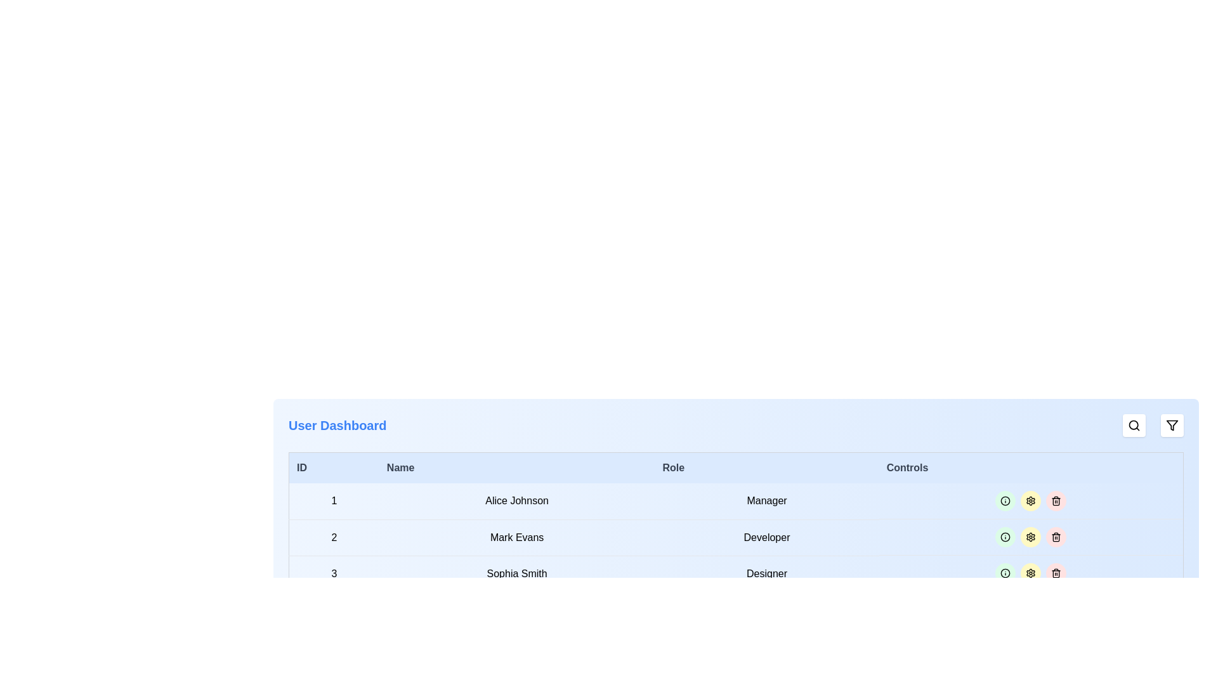  Describe the element at coordinates (736, 573) in the screenshot. I see `to select the third row` at that location.